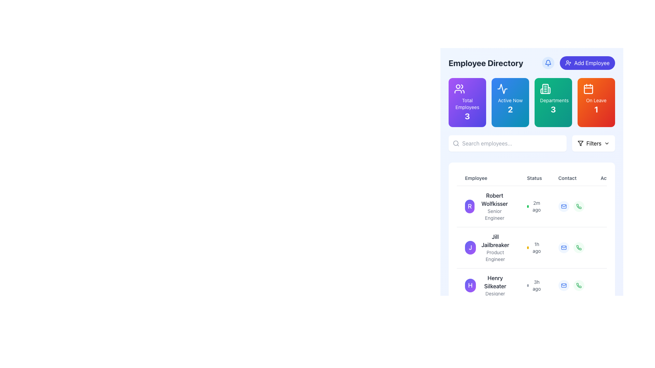 Image resolution: width=655 pixels, height=368 pixels. What do you see at coordinates (578, 285) in the screenshot?
I see `the green phone icon button that represents call functionality while tabbing through the employee management interface` at bounding box center [578, 285].